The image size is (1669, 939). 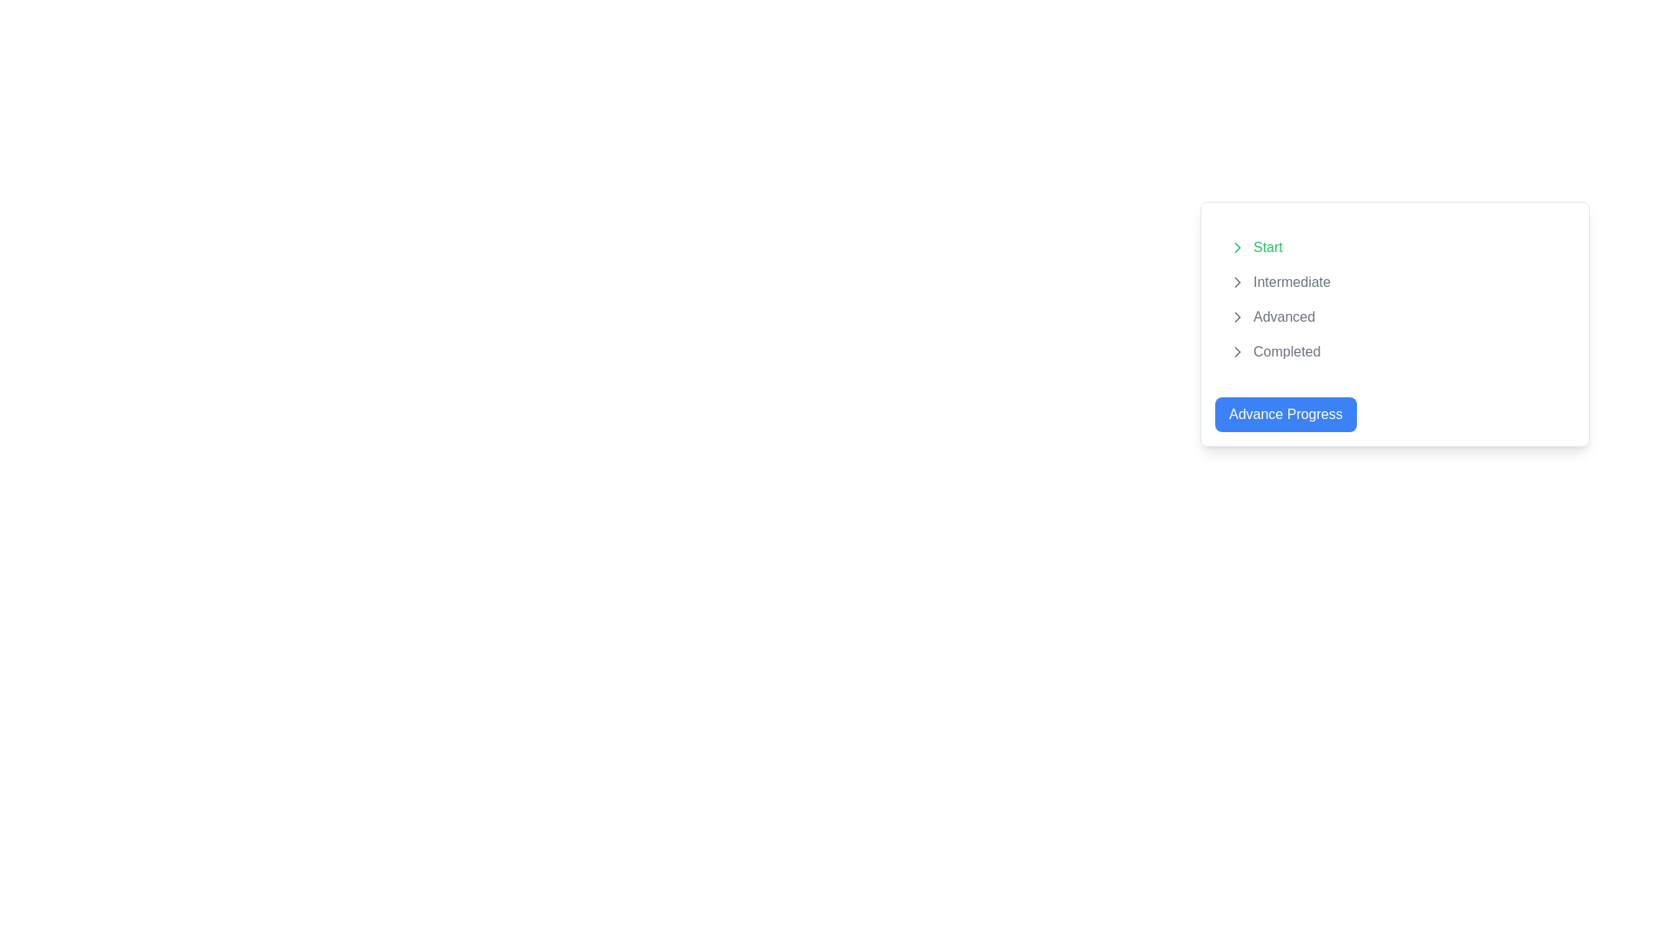 I want to click on the rightward-pointing triangular arrow icon next to the 'Advanced' text, which signifies expansion or navigation, so click(x=1237, y=317).